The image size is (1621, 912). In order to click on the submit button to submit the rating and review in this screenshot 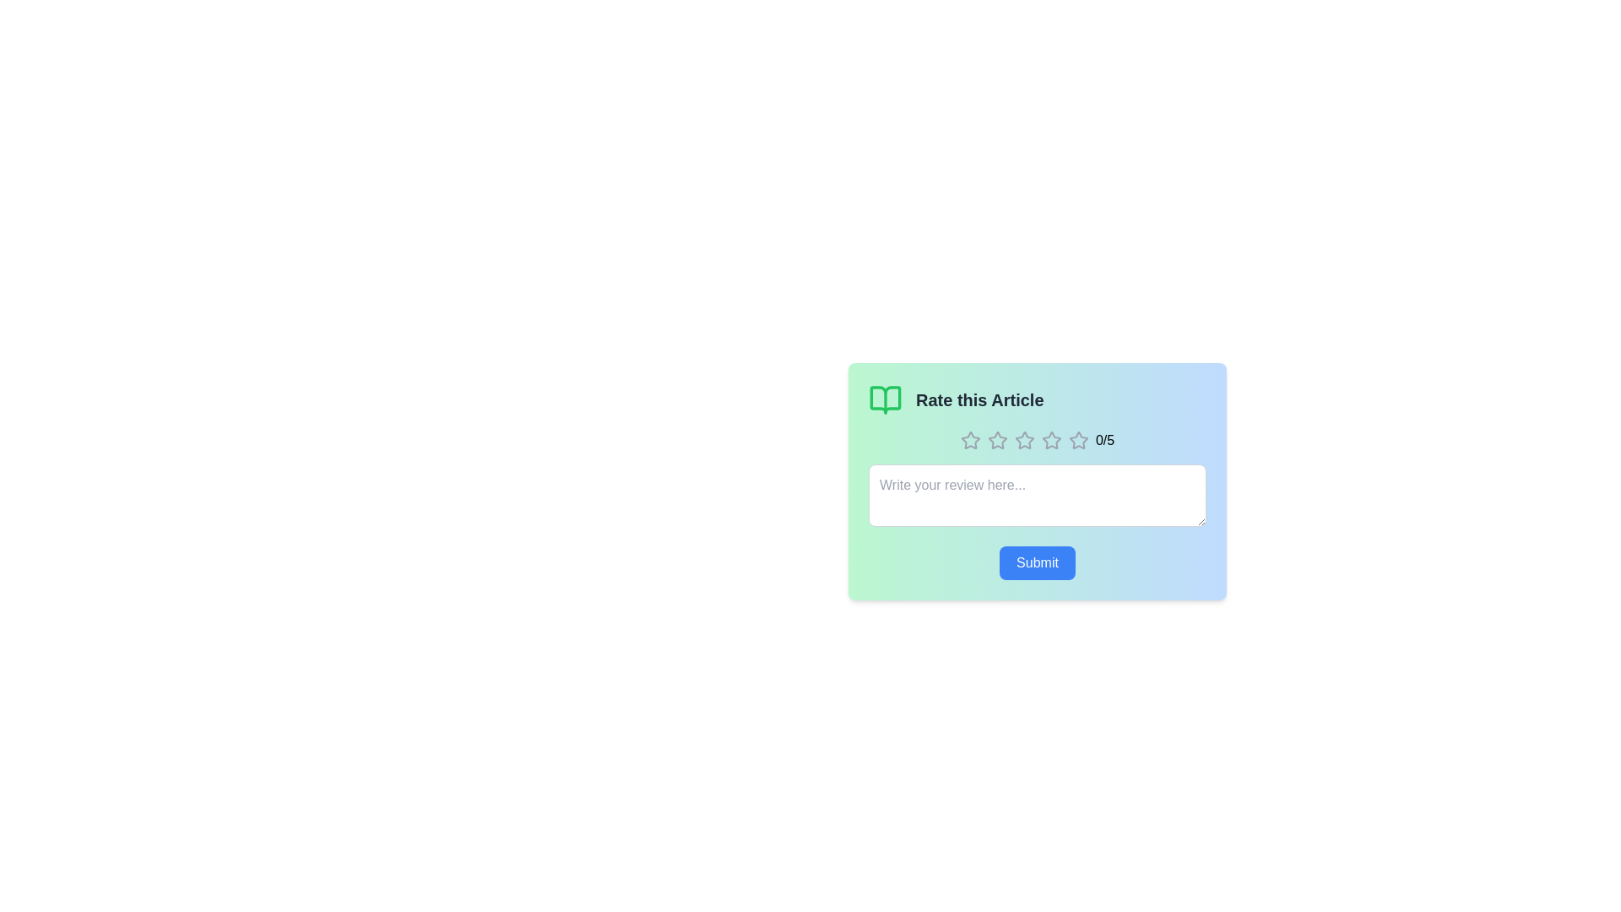, I will do `click(1036, 563)`.